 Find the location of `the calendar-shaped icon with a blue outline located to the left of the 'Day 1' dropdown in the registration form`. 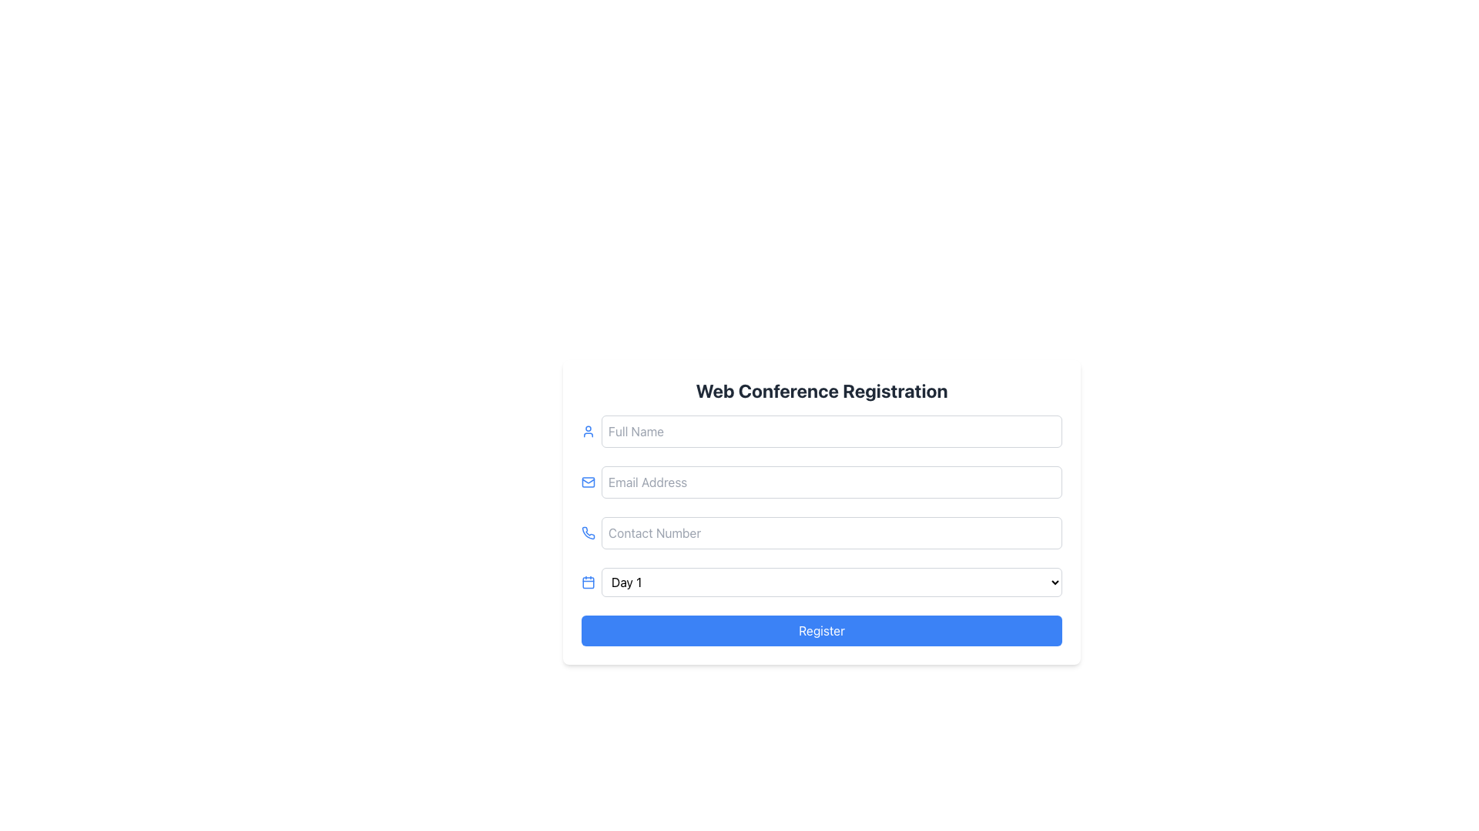

the calendar-shaped icon with a blue outline located to the left of the 'Day 1' dropdown in the registration form is located at coordinates (587, 582).